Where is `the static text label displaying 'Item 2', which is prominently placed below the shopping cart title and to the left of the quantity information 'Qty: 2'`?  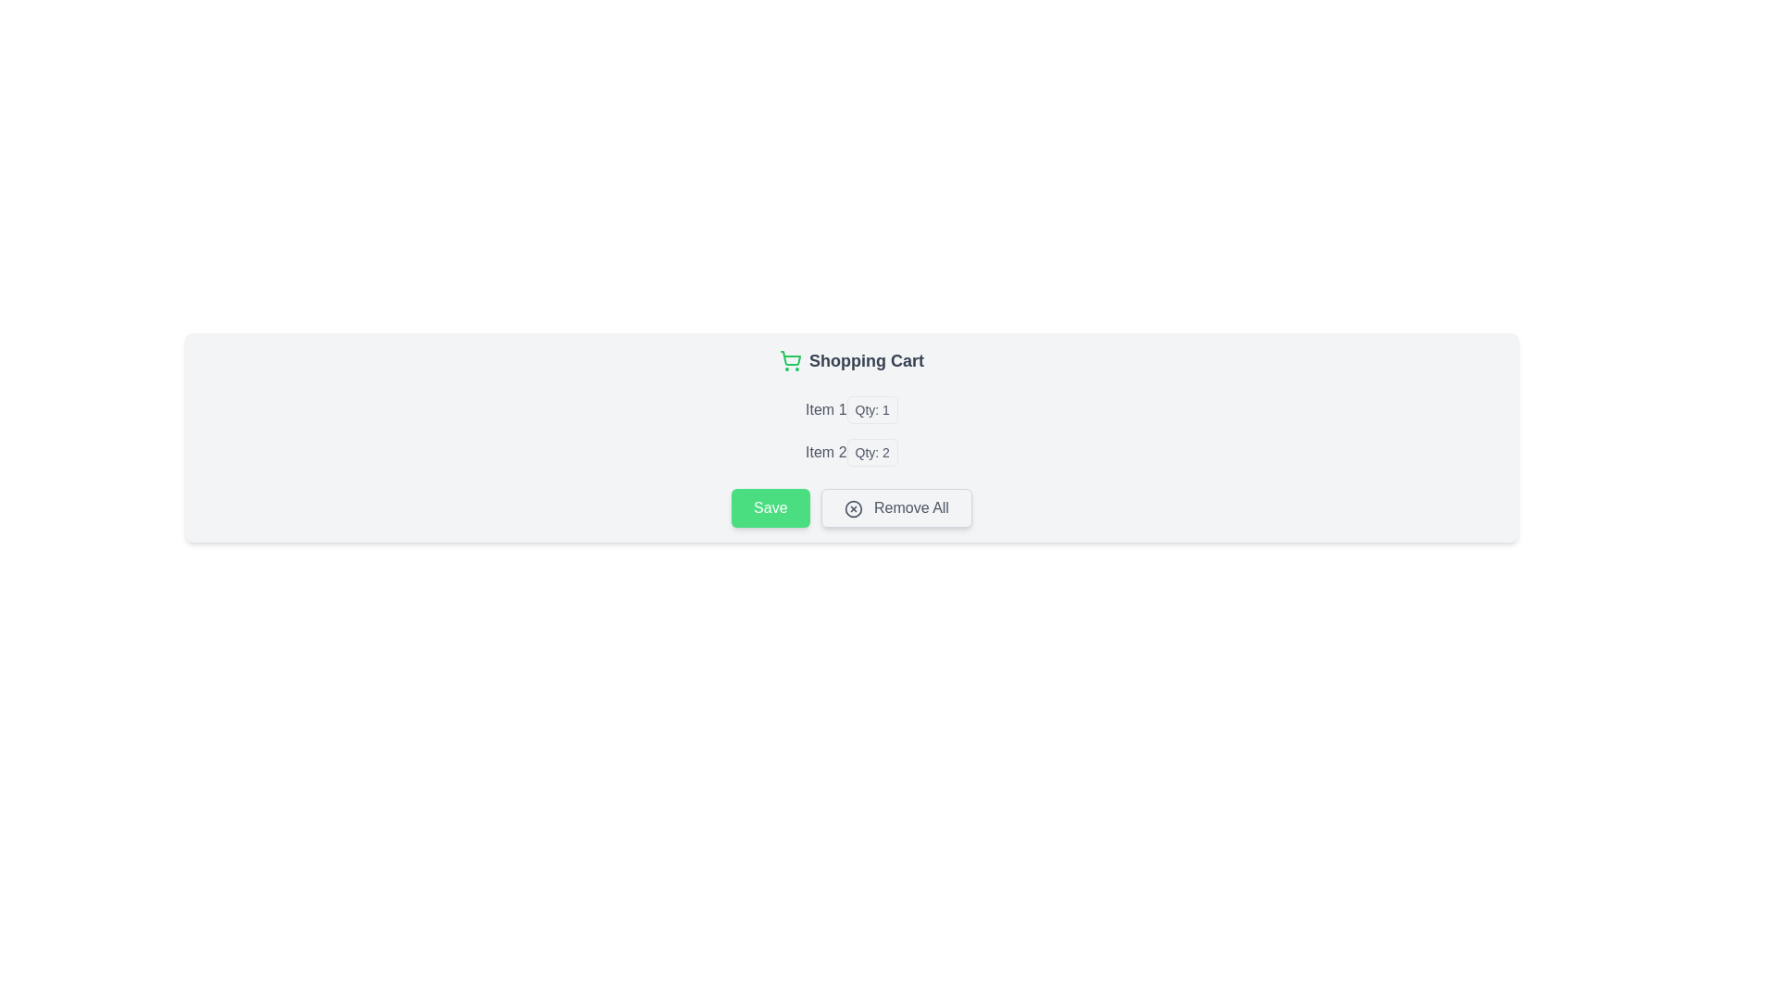
the static text label displaying 'Item 2', which is prominently placed below the shopping cart title and to the left of the quantity information 'Qty: 2' is located at coordinates (825, 453).